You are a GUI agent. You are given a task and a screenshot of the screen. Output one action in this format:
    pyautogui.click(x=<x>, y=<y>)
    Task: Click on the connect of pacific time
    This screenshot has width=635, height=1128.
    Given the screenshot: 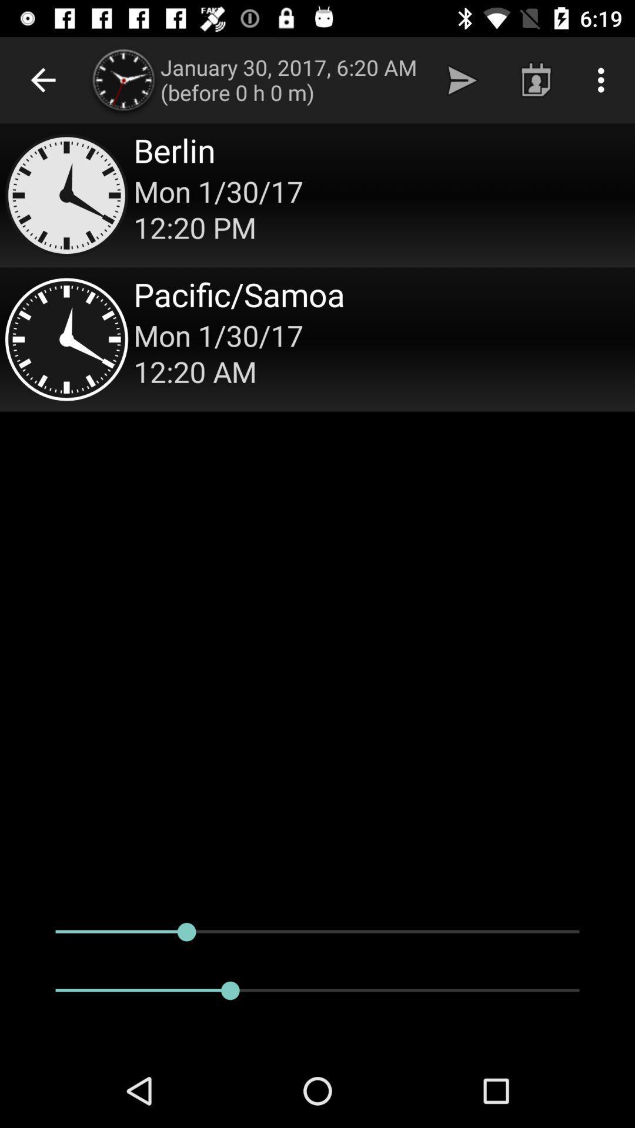 What is the action you would take?
    pyautogui.click(x=317, y=338)
    